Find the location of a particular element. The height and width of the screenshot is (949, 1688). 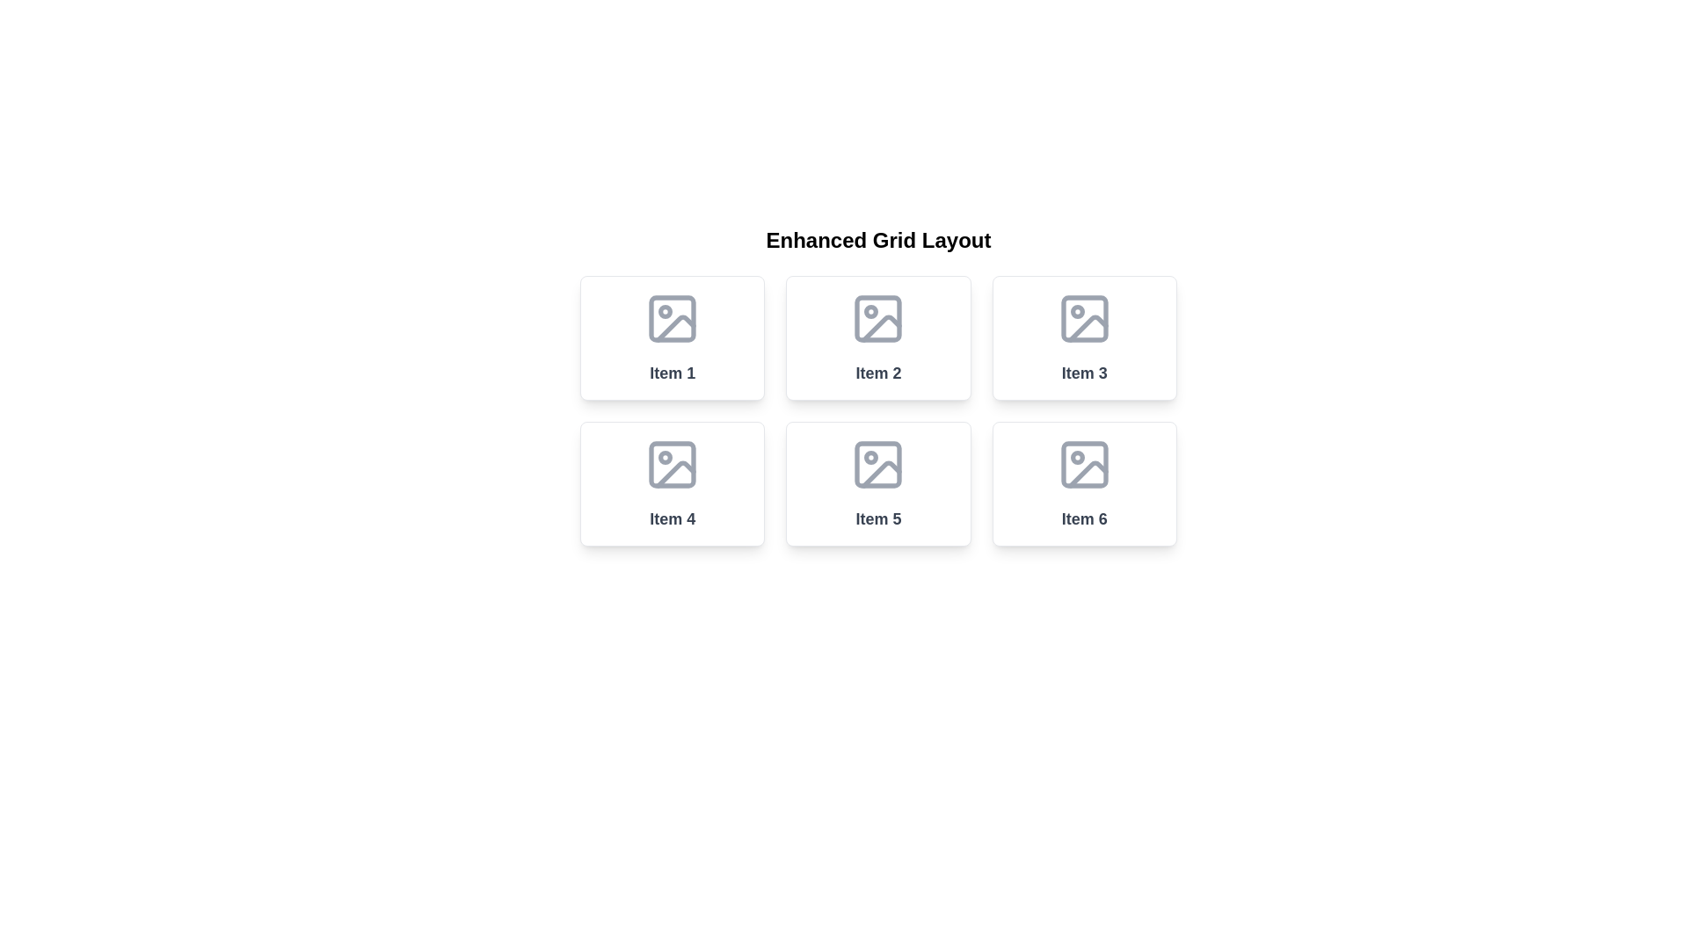

the decorative SVG circle element located in the second grid cell of the interface is located at coordinates (871, 310).